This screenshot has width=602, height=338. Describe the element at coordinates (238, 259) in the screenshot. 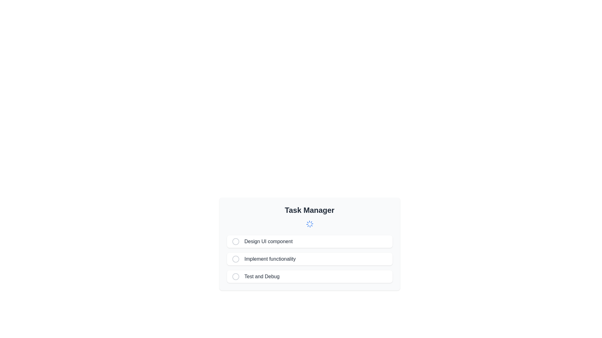

I see `the unselected radio button, which is a circular icon with a light grey outline, positioned to the left of the label 'Implement functionality' in the task list` at that location.